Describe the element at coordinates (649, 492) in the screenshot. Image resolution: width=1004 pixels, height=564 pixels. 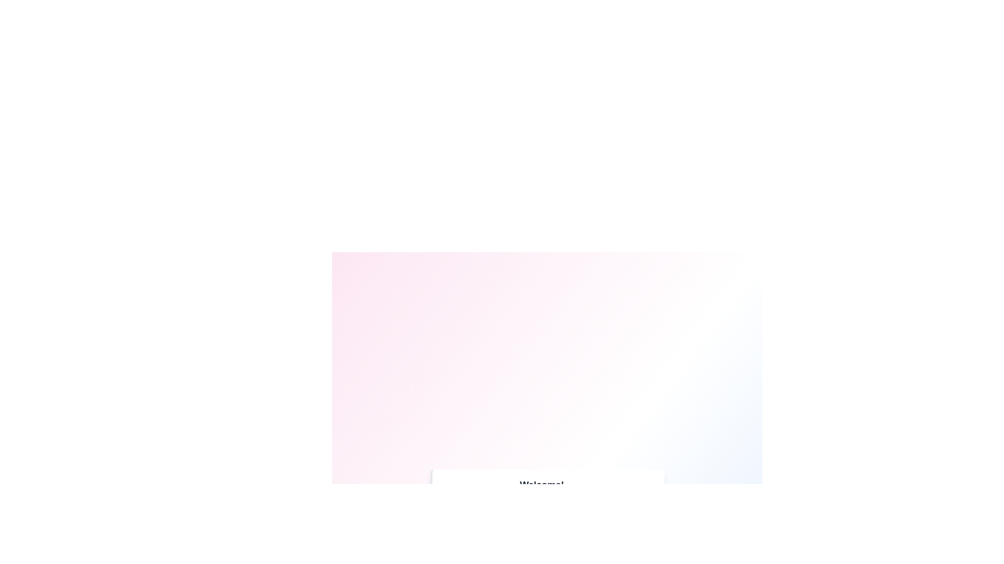
I see `close icon of the first notification to dismiss it` at that location.